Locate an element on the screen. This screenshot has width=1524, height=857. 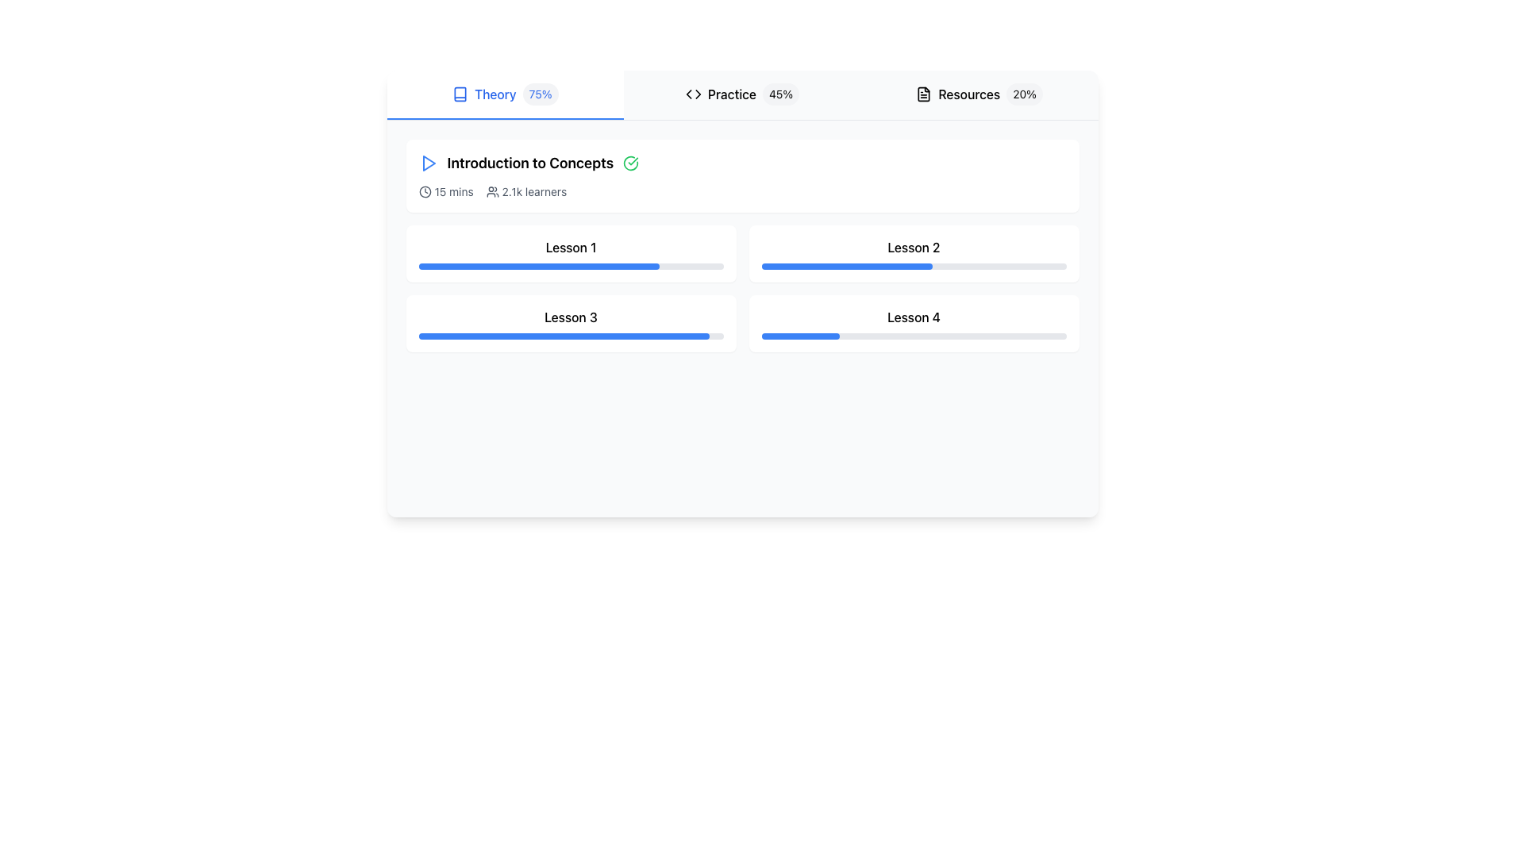
the SVG icon representing the 'Theory' section, which is positioned immediately to the left of the text labeled 'Theory', to interact with it is located at coordinates (460, 94).